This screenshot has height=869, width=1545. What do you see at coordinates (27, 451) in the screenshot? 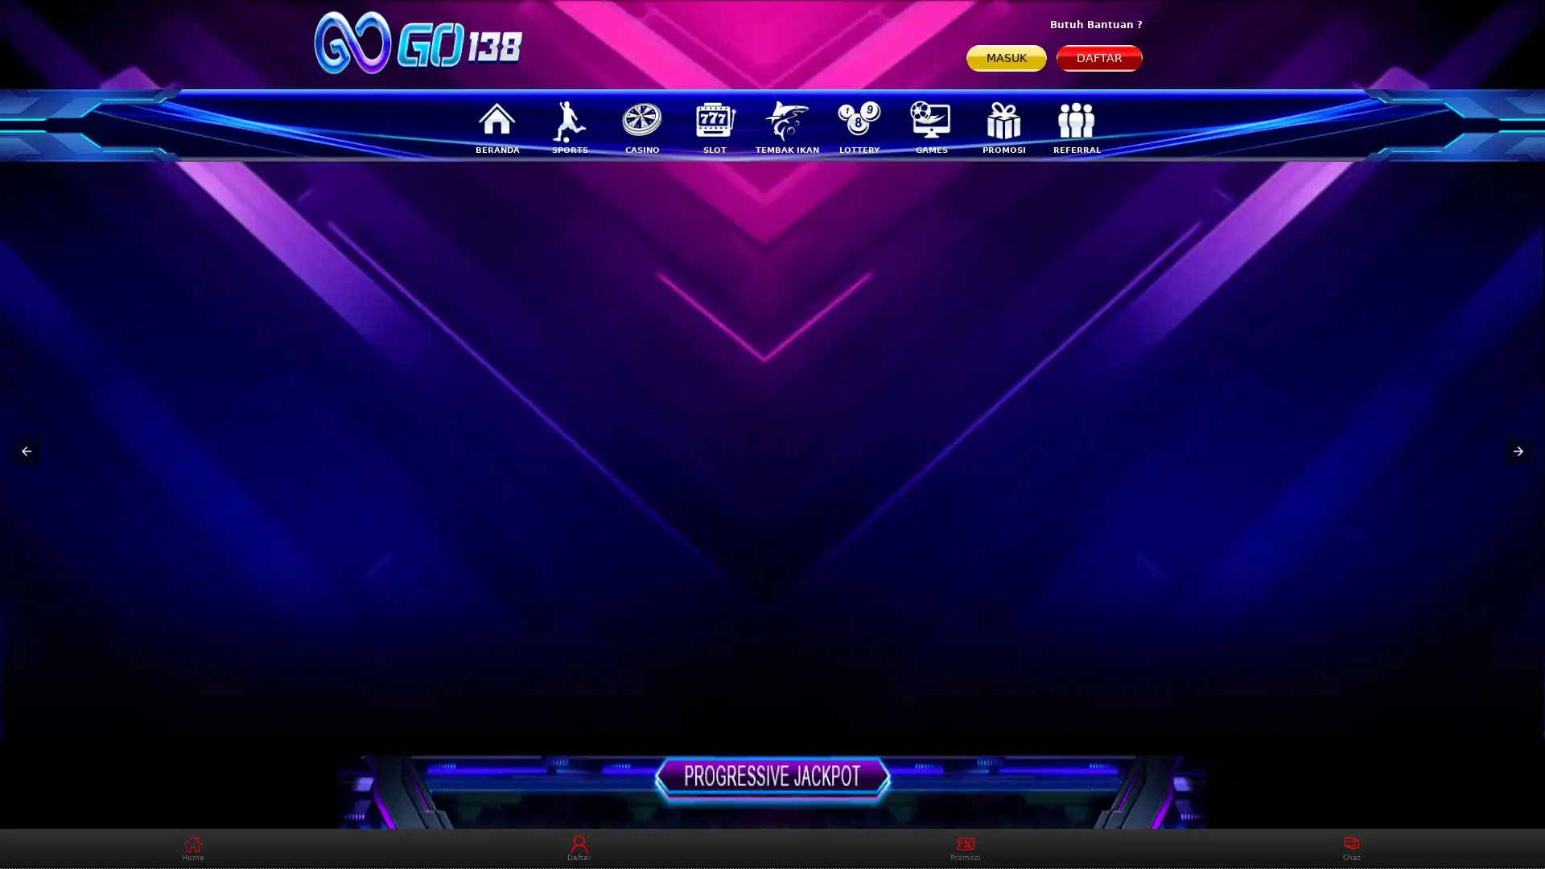
I see `Previous item in carousel (2 of 4)` at bounding box center [27, 451].